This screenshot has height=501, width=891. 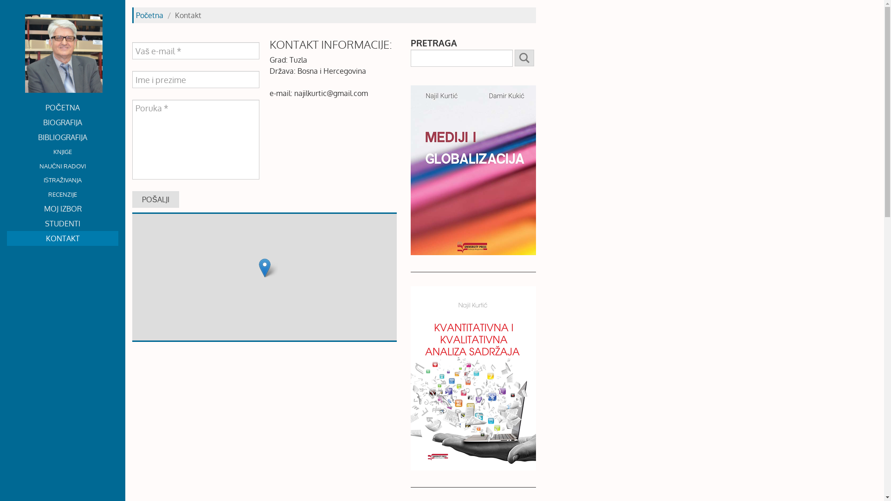 I want to click on 'STUDENTI', so click(x=62, y=224).